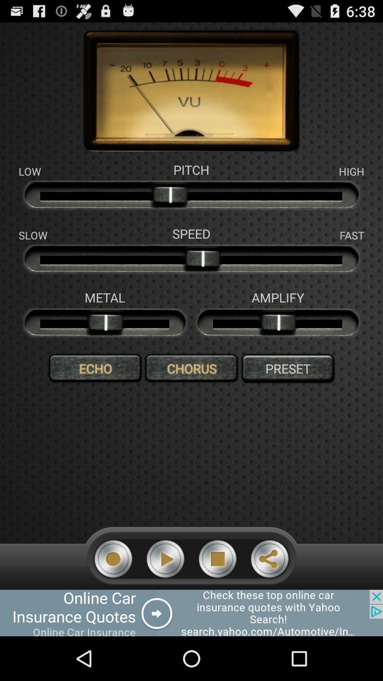 The image size is (383, 681). I want to click on open advertisement, so click(191, 613).